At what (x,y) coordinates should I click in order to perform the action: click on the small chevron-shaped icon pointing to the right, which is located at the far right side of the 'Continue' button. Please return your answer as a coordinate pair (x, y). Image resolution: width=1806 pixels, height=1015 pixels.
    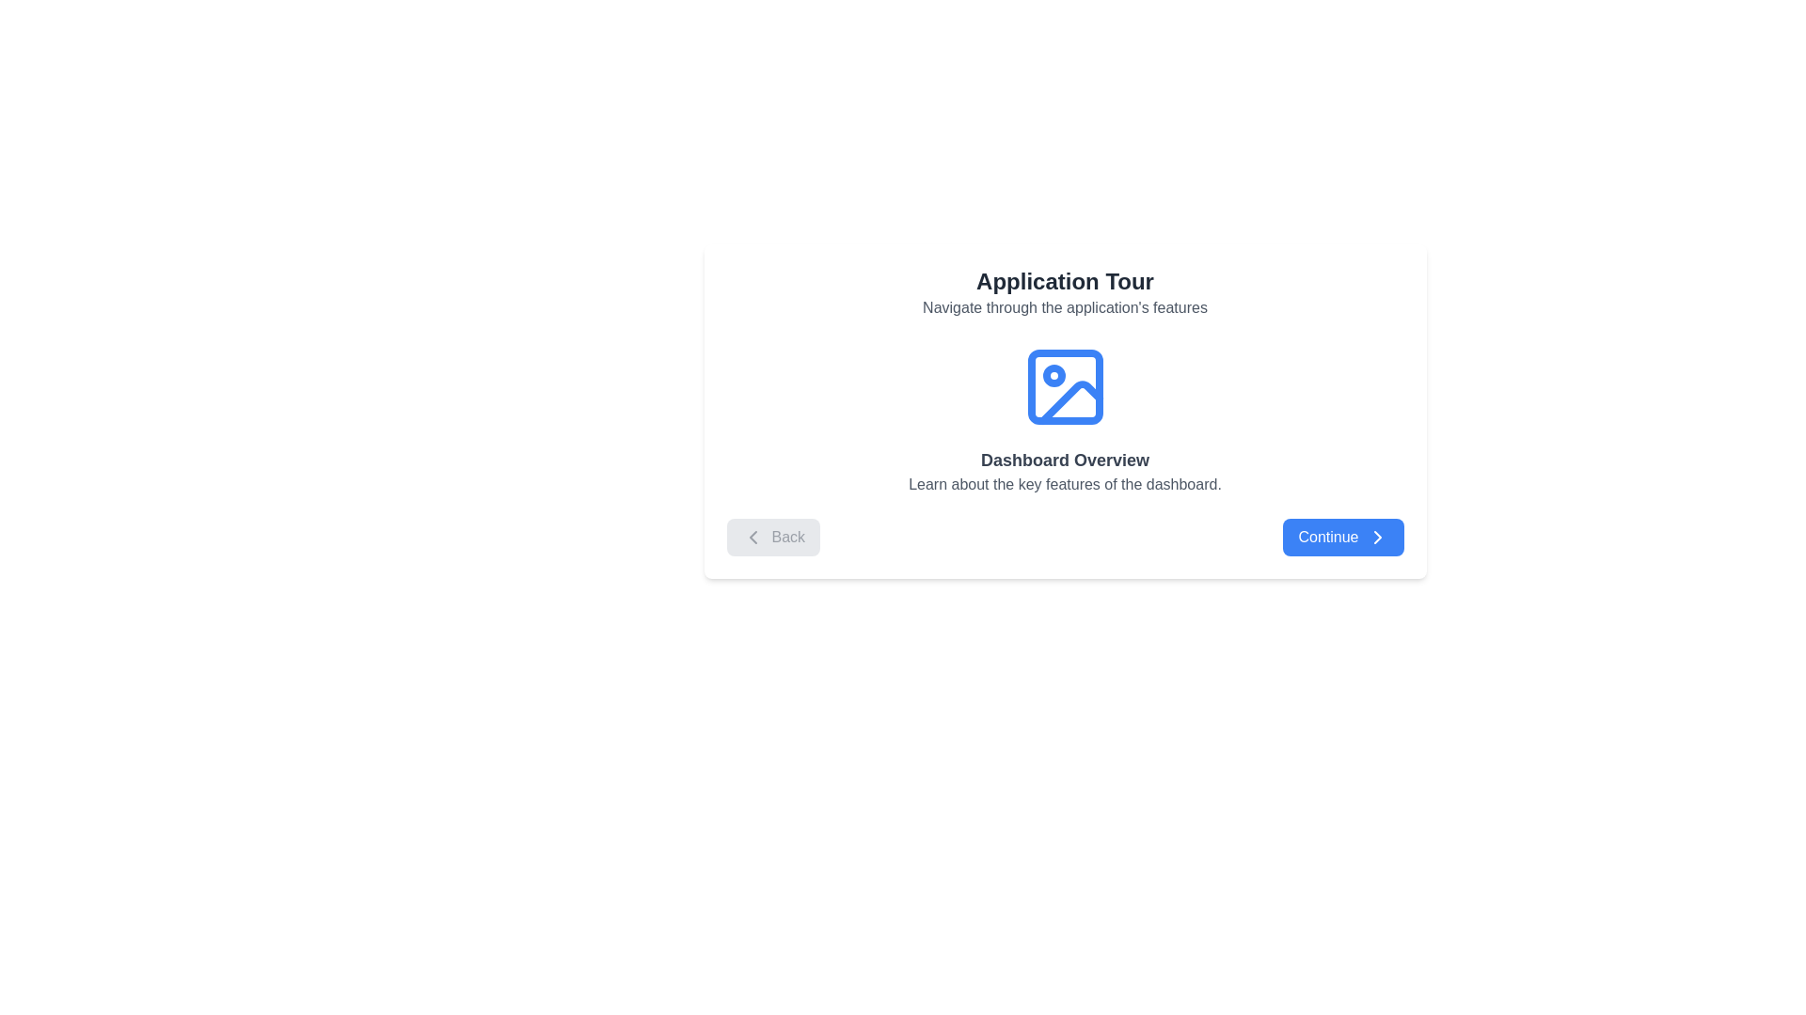
    Looking at the image, I should click on (1377, 537).